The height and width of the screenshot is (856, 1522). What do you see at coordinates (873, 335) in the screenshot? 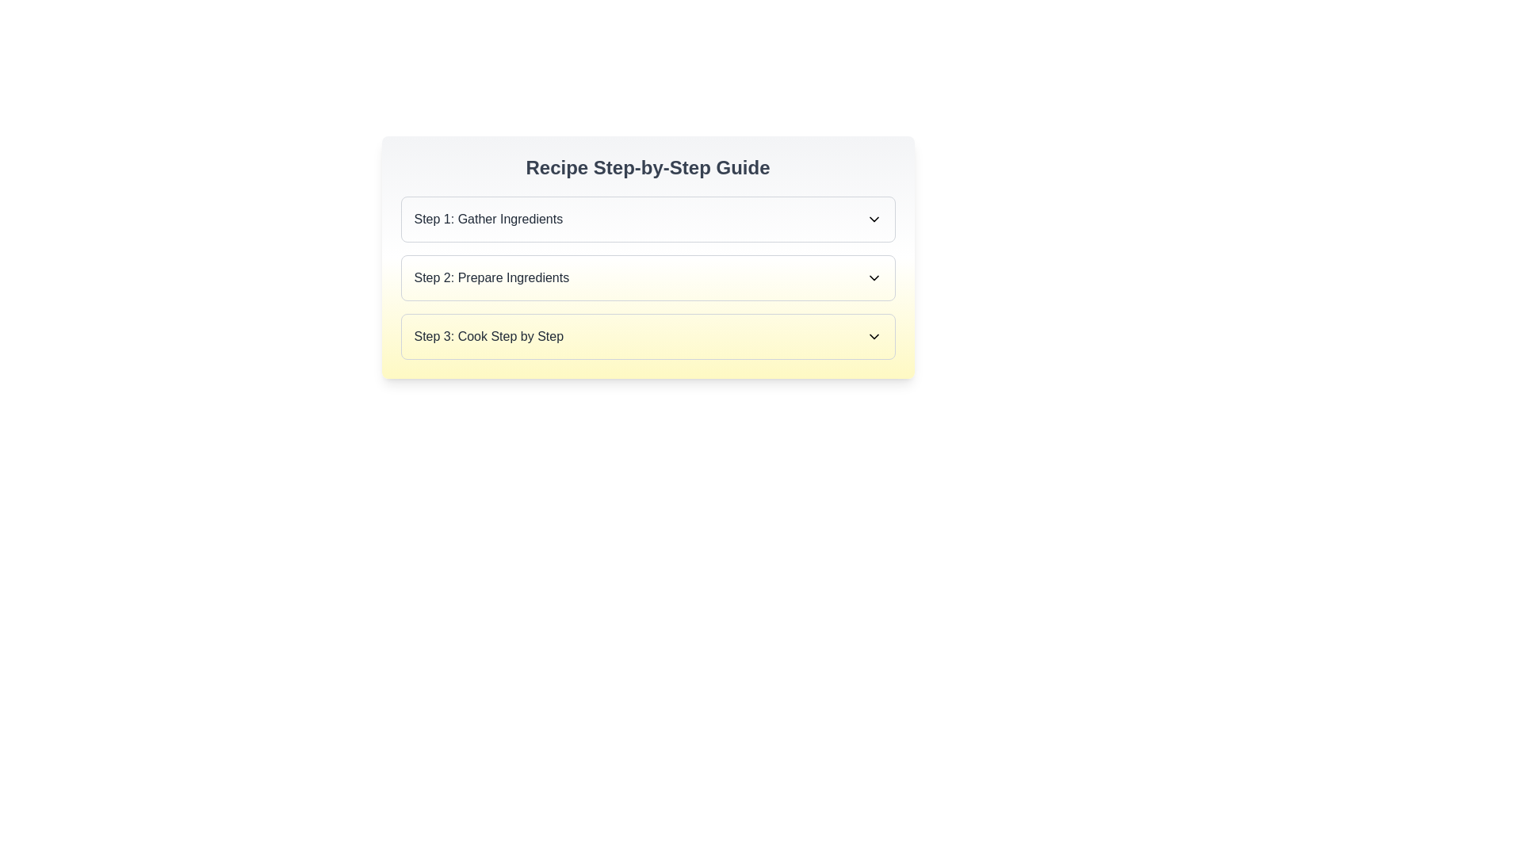
I see `the Chevron icon located in the right-aligned portion of the 'Step 3: Cook Step by Step' section` at bounding box center [873, 335].